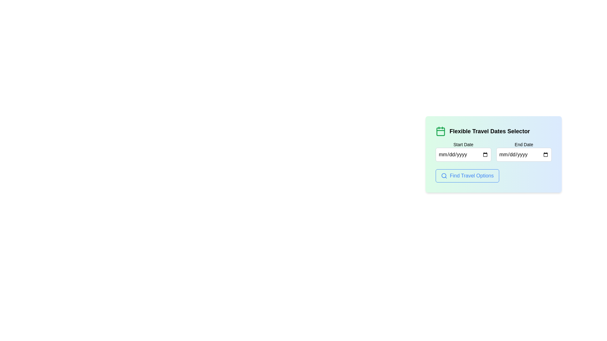 The width and height of the screenshot is (607, 341). Describe the element at coordinates (524, 154) in the screenshot. I see `the Date input field located under the 'End Date' label in the 'Flexible Travel Dates Selector' section` at that location.